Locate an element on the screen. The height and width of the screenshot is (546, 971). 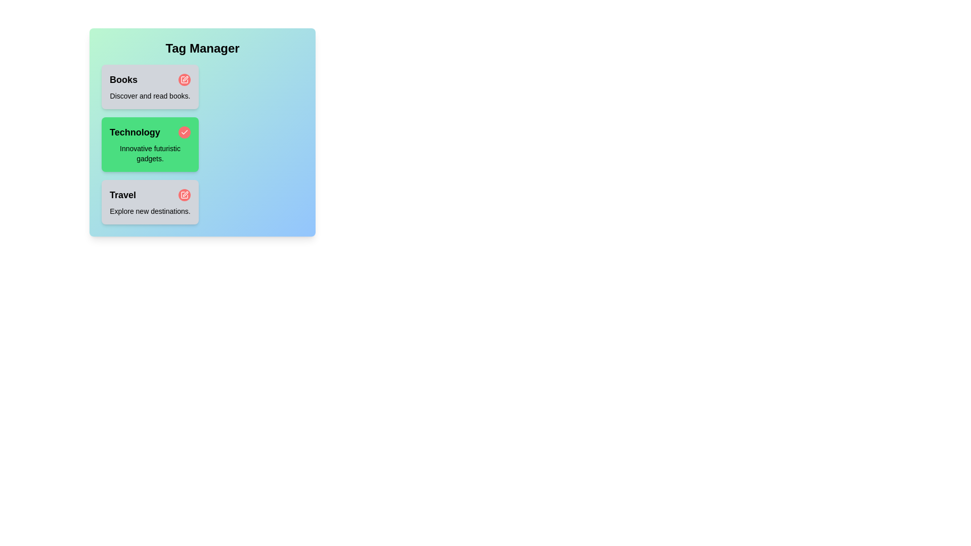
the tag name Travel to focus on it is located at coordinates (122, 195).